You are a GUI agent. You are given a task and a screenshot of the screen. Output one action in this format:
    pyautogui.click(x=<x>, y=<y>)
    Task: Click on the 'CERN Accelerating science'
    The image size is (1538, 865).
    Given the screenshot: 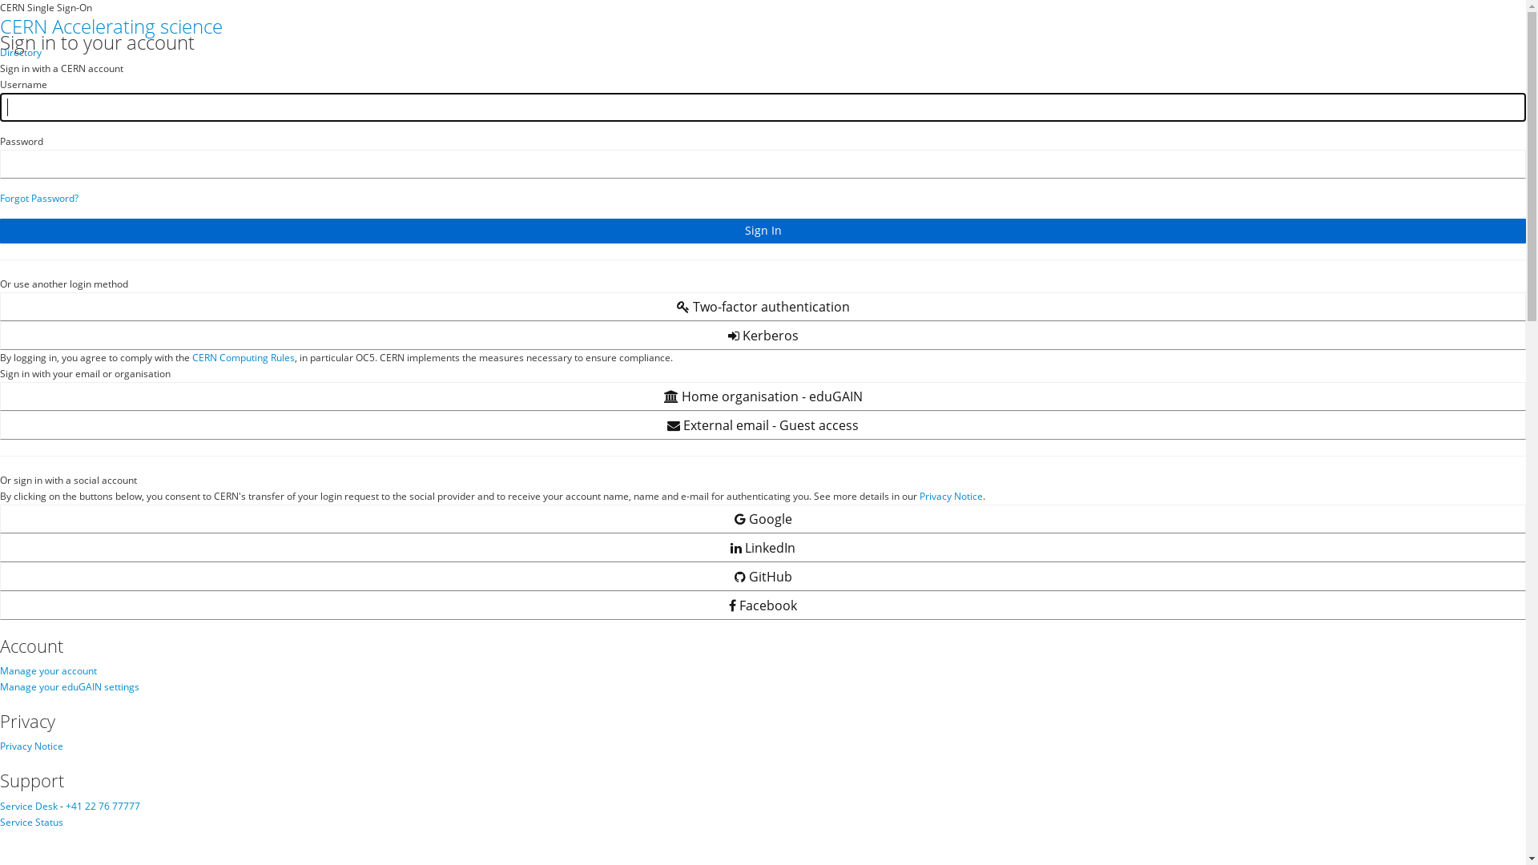 What is the action you would take?
    pyautogui.click(x=111, y=26)
    